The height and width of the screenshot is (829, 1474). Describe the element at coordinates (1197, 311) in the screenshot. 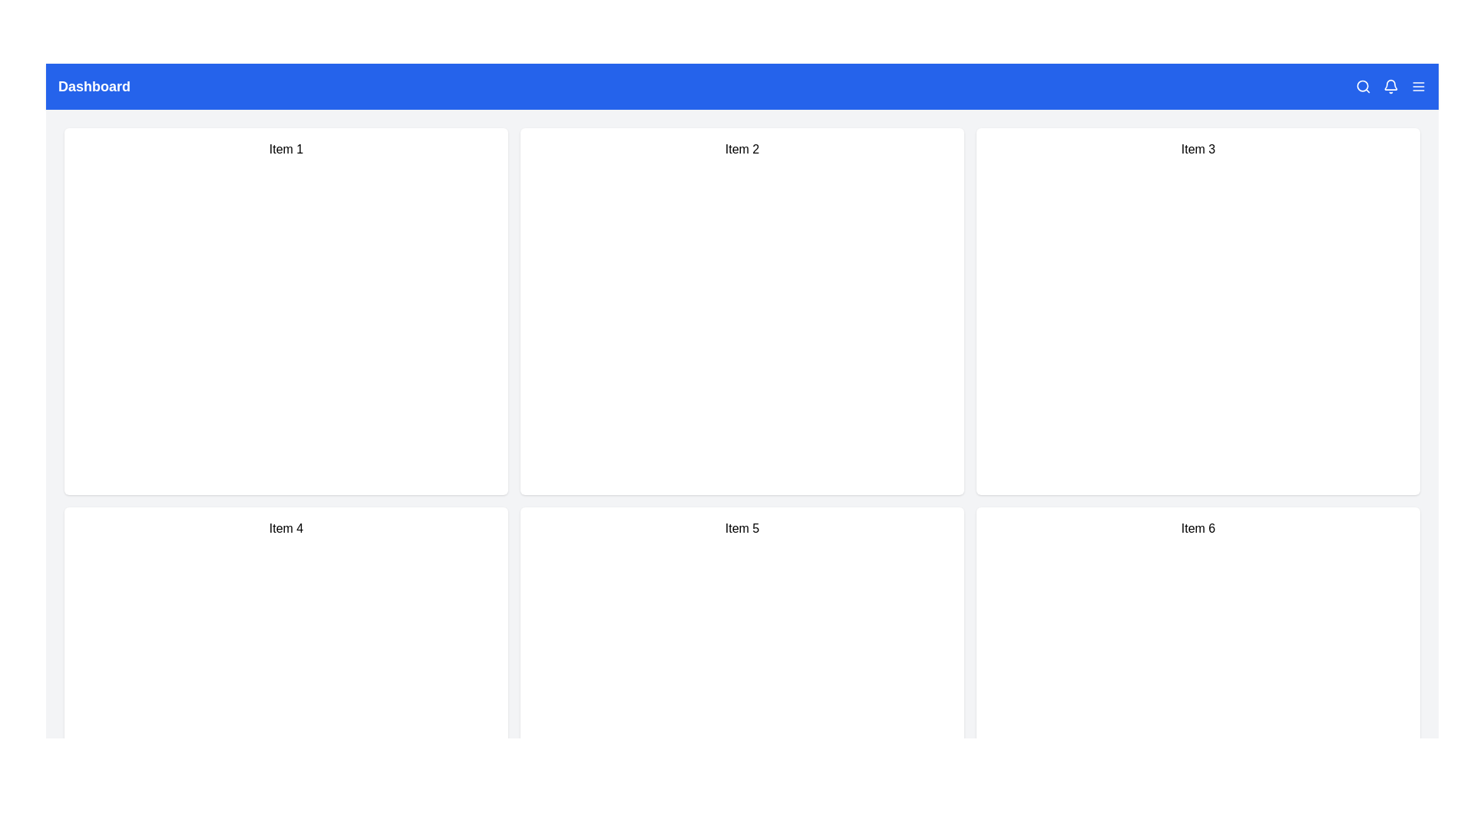

I see `the display card representing 'Item 3' located in the first row, third column of a 3x2 grid layout` at that location.